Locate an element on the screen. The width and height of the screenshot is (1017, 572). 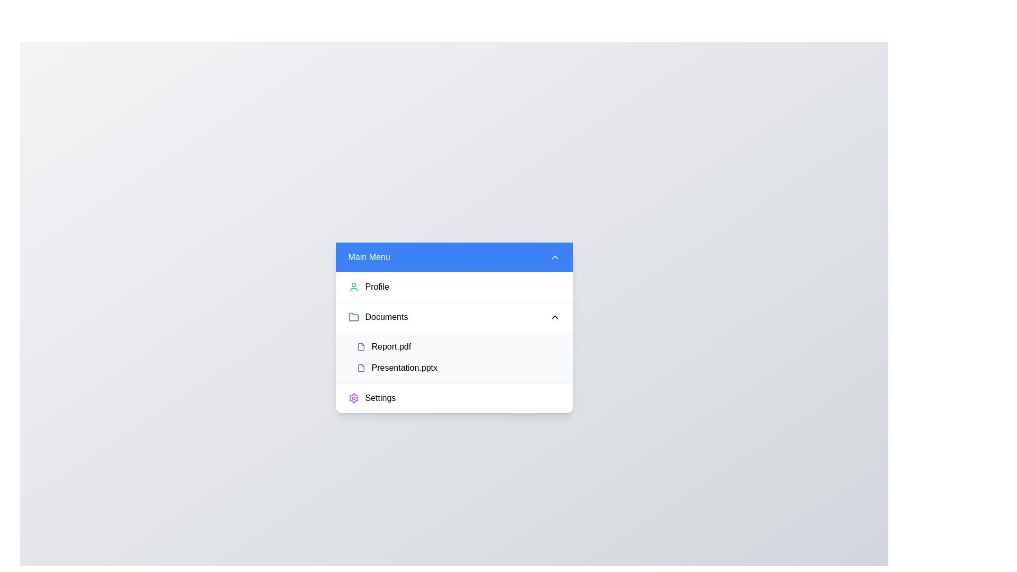
the file icon representing 'Presentation.pptx', which is styled with a gray outline and located as the fourth entry in the Documents list is located at coordinates (361, 367).